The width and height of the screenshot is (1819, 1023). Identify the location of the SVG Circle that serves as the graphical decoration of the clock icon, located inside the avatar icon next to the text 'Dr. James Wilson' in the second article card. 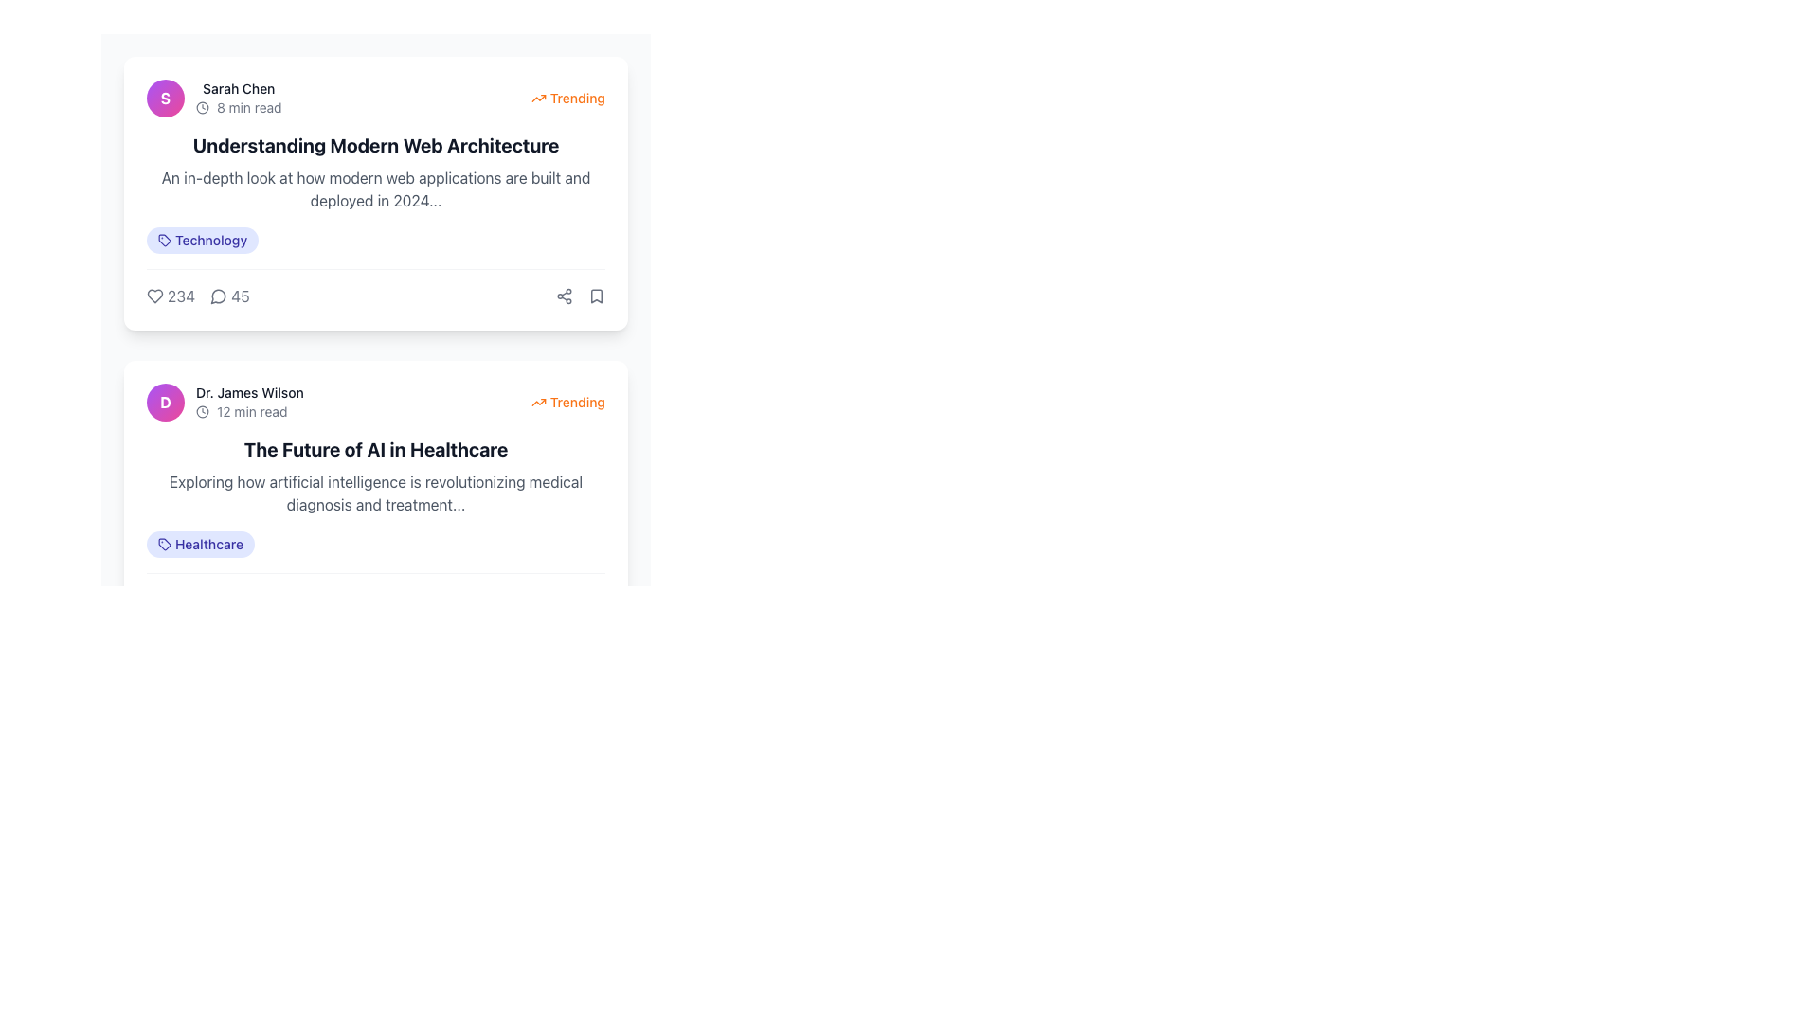
(203, 411).